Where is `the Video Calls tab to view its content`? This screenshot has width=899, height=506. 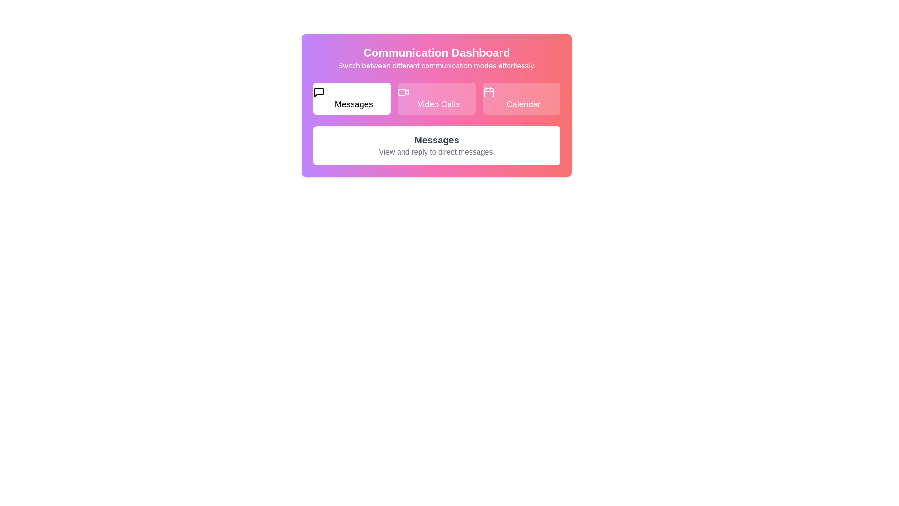
the Video Calls tab to view its content is located at coordinates (435, 99).